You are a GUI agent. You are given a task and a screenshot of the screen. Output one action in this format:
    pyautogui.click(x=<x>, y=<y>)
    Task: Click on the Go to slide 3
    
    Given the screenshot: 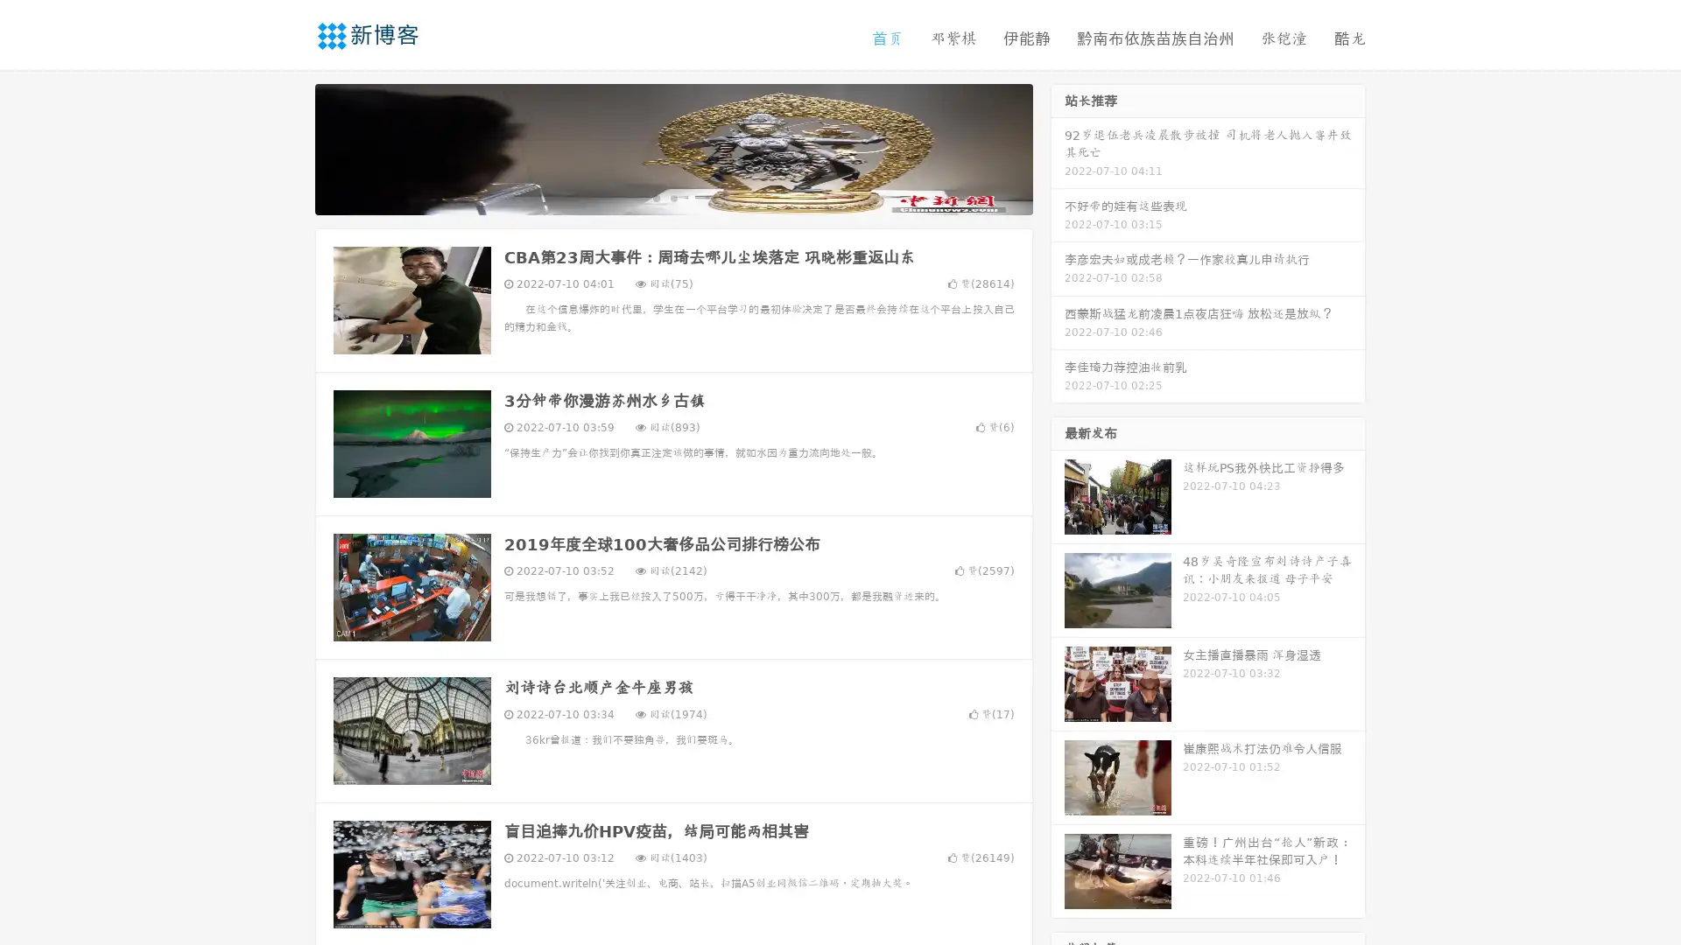 What is the action you would take?
    pyautogui.click(x=691, y=197)
    